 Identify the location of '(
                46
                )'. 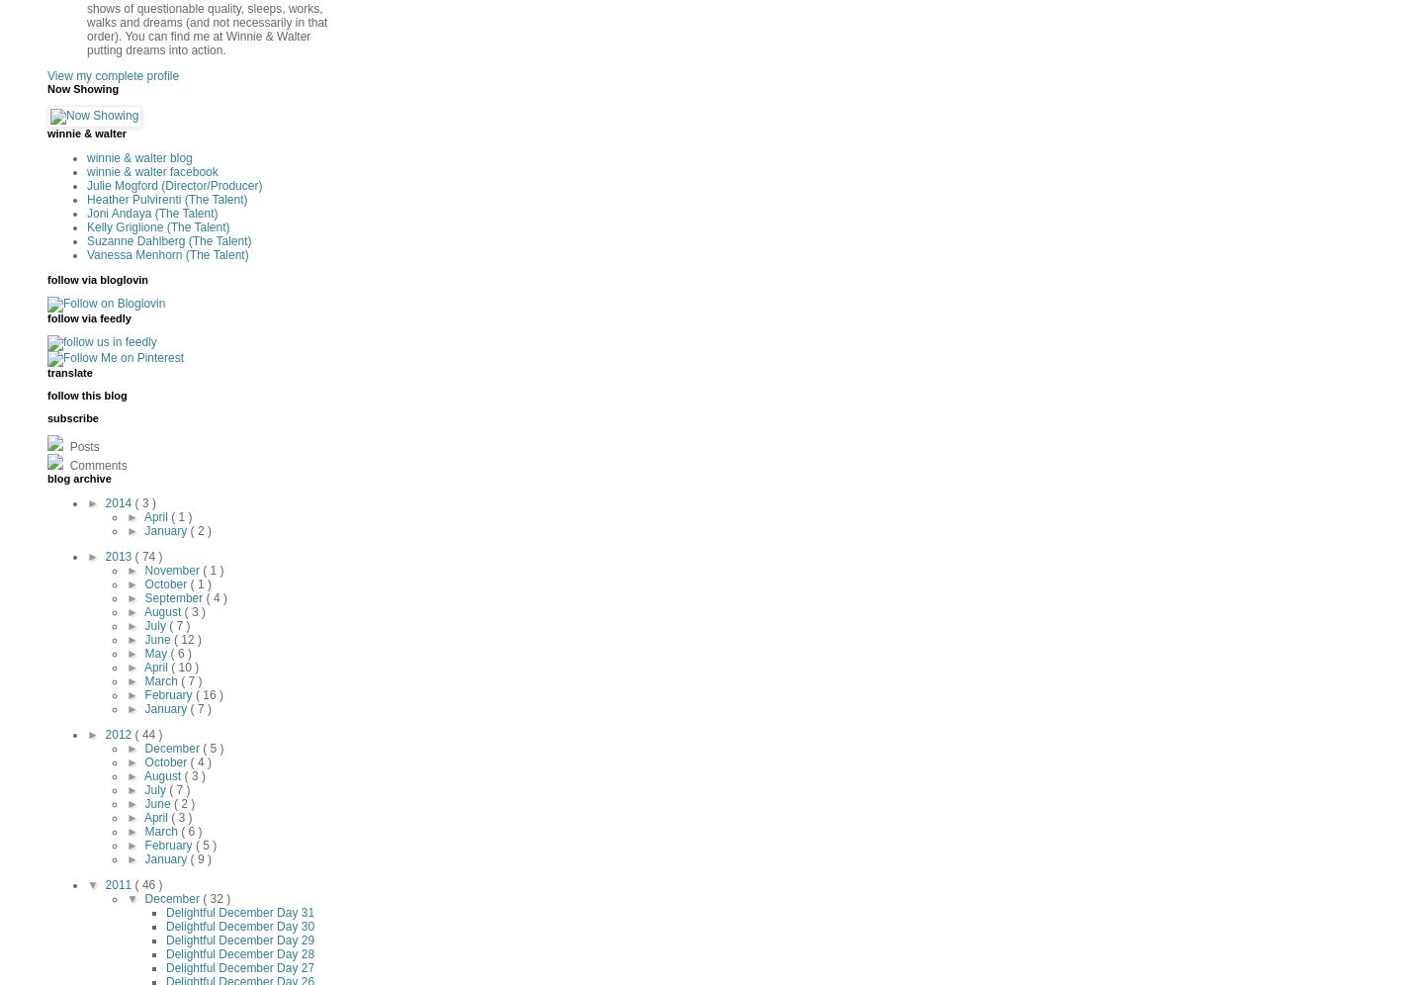
(146, 884).